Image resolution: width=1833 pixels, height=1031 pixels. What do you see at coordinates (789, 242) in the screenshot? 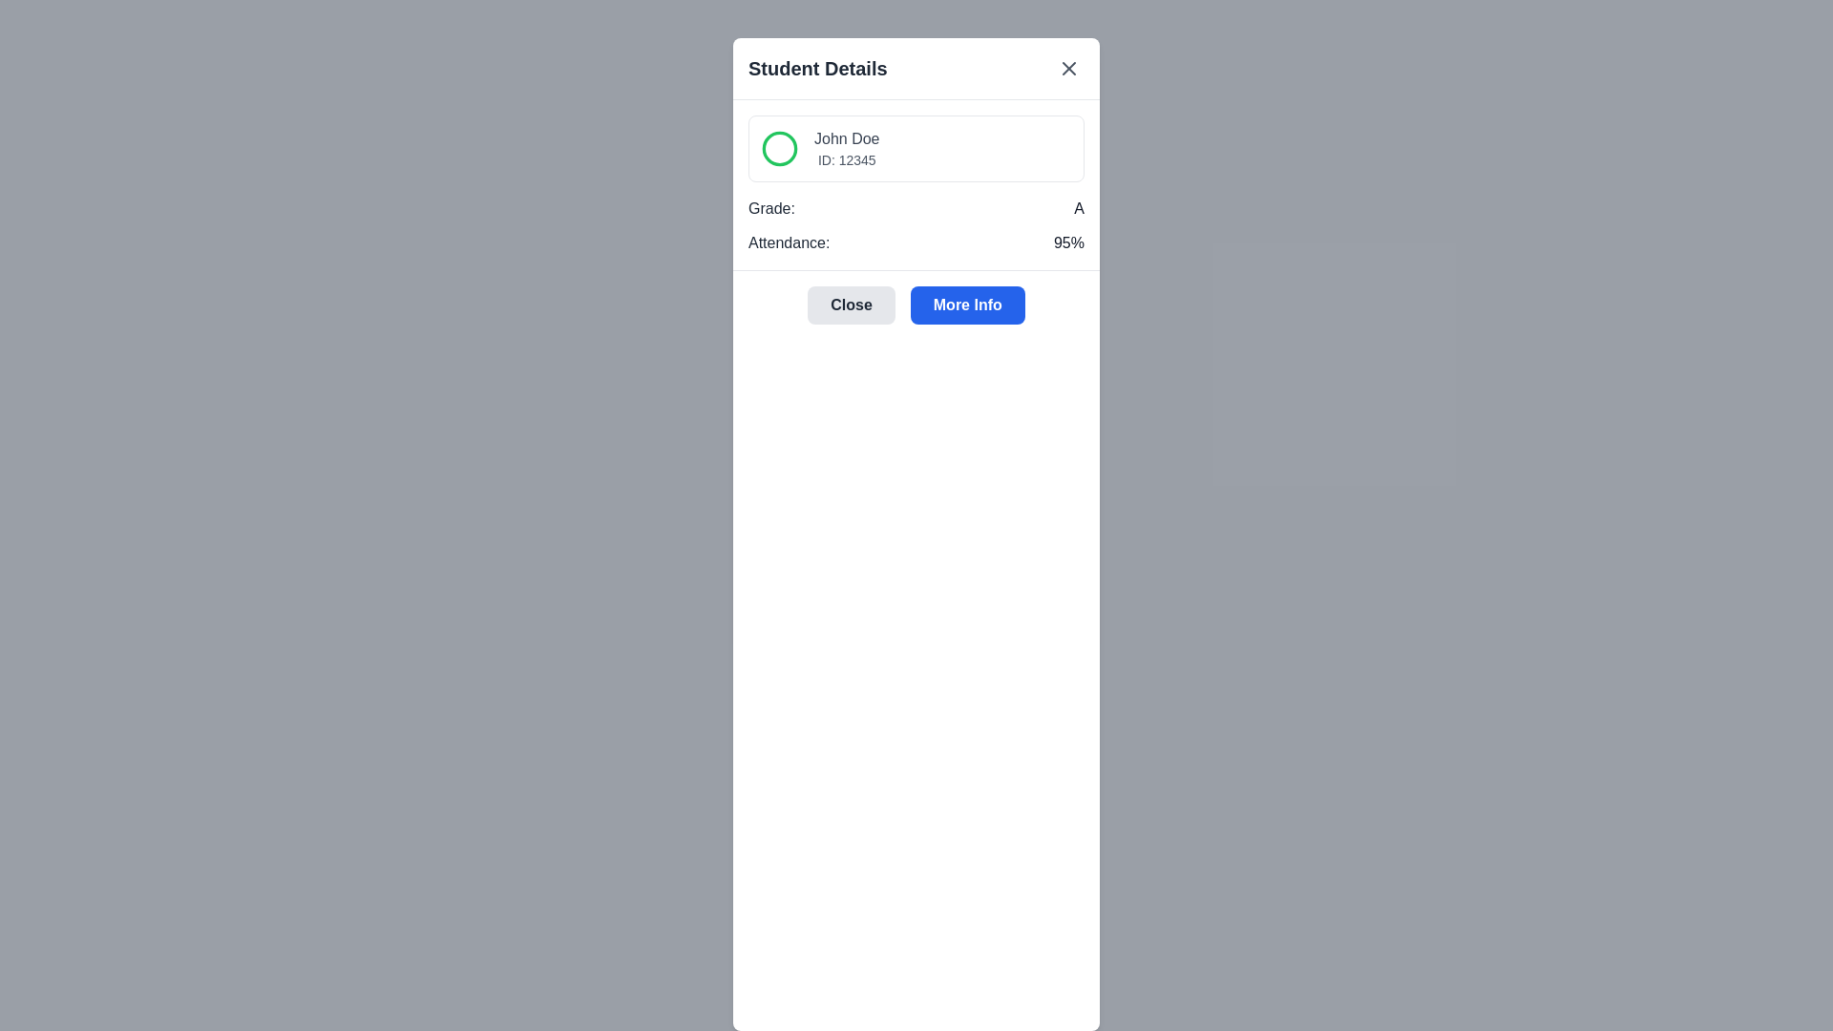
I see `the text label reading 'Attendance:' styled with a gray font color, located in the modal window titled 'Student Details', positioned to the left of '95%'` at bounding box center [789, 242].